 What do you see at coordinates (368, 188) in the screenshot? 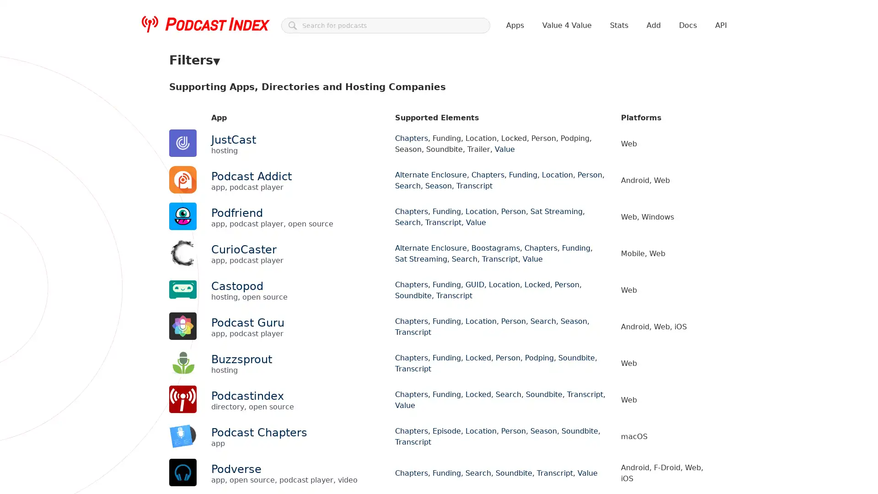
I see `Citadel` at bounding box center [368, 188].